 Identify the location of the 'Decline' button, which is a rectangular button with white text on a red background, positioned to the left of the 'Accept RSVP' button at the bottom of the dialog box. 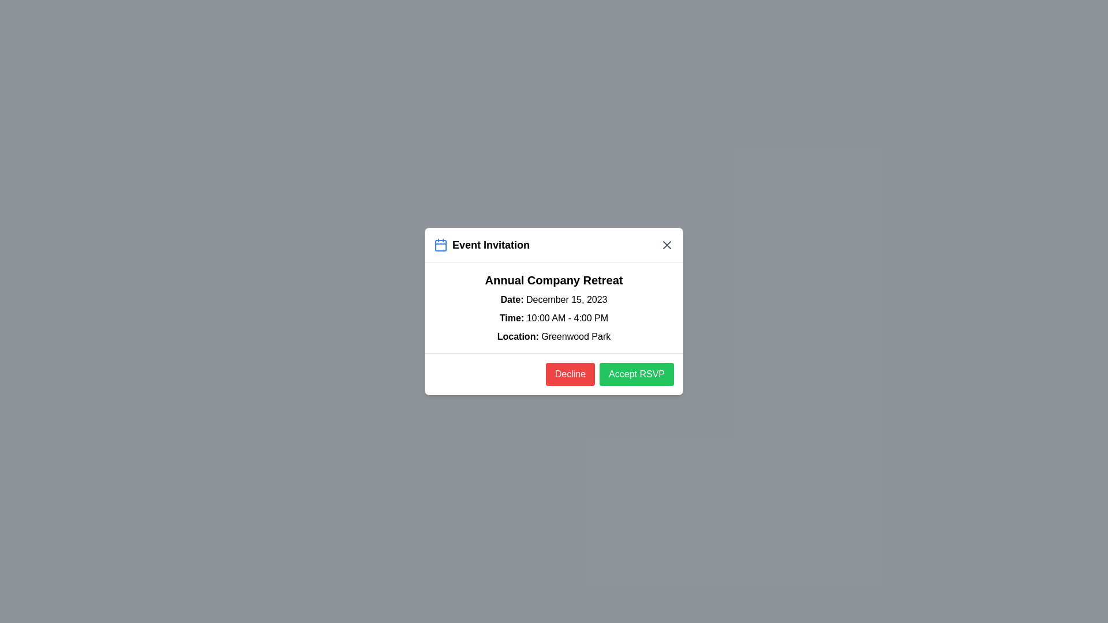
(570, 374).